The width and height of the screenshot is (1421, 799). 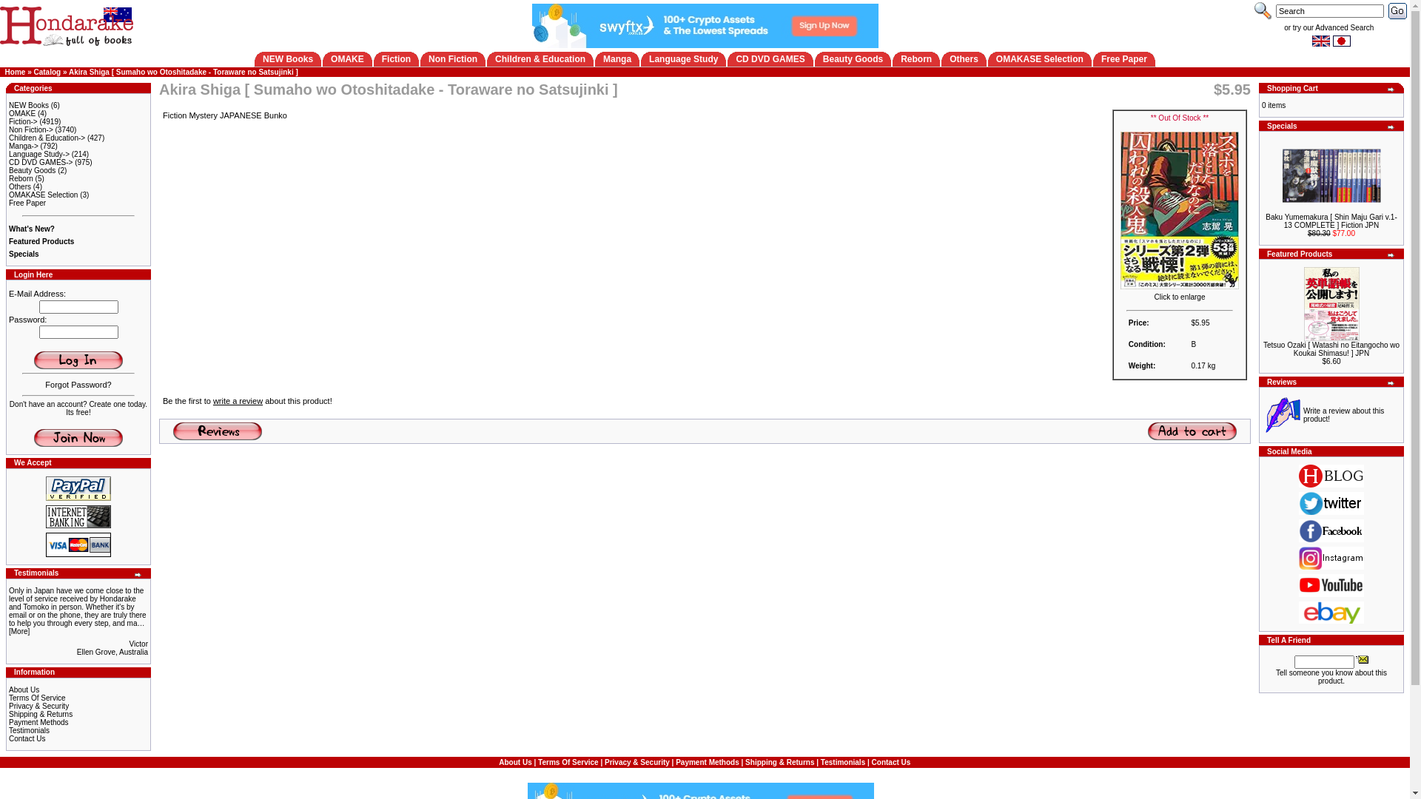 What do you see at coordinates (649, 58) in the screenshot?
I see `'Language Study'` at bounding box center [649, 58].